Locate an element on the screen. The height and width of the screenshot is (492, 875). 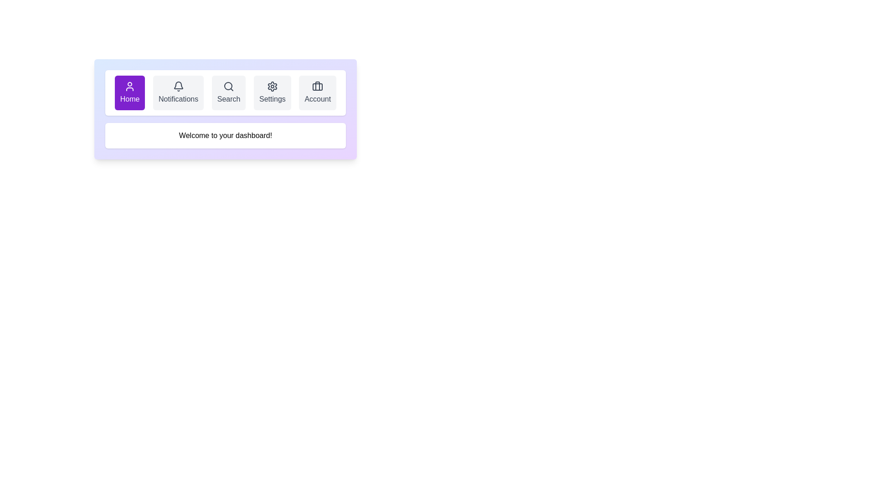
the top part of the briefcase icon located inside the 'Account' button in the top-right section of the navigation bar is located at coordinates (318, 86).